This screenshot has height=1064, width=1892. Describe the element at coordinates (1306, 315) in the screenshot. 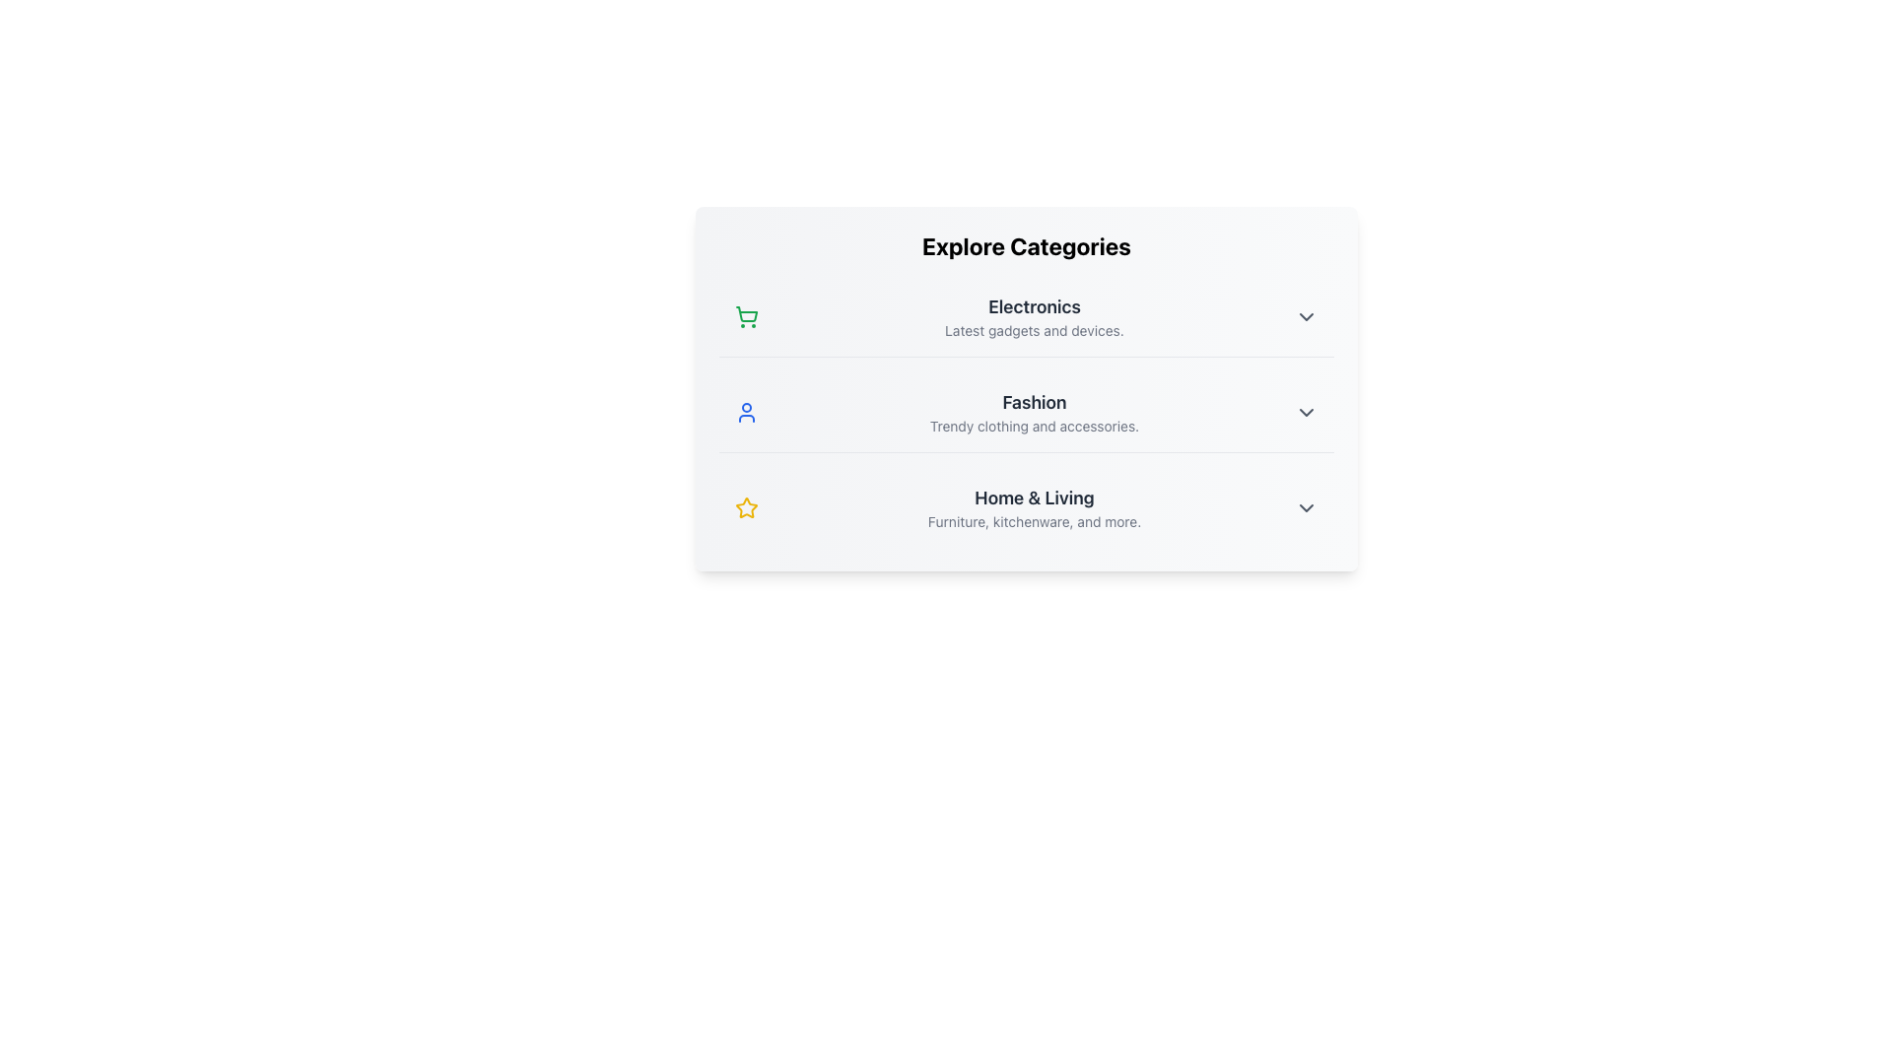

I see `the expand/collapse icon located at the rightmost position of the 'Electronics' row` at that location.